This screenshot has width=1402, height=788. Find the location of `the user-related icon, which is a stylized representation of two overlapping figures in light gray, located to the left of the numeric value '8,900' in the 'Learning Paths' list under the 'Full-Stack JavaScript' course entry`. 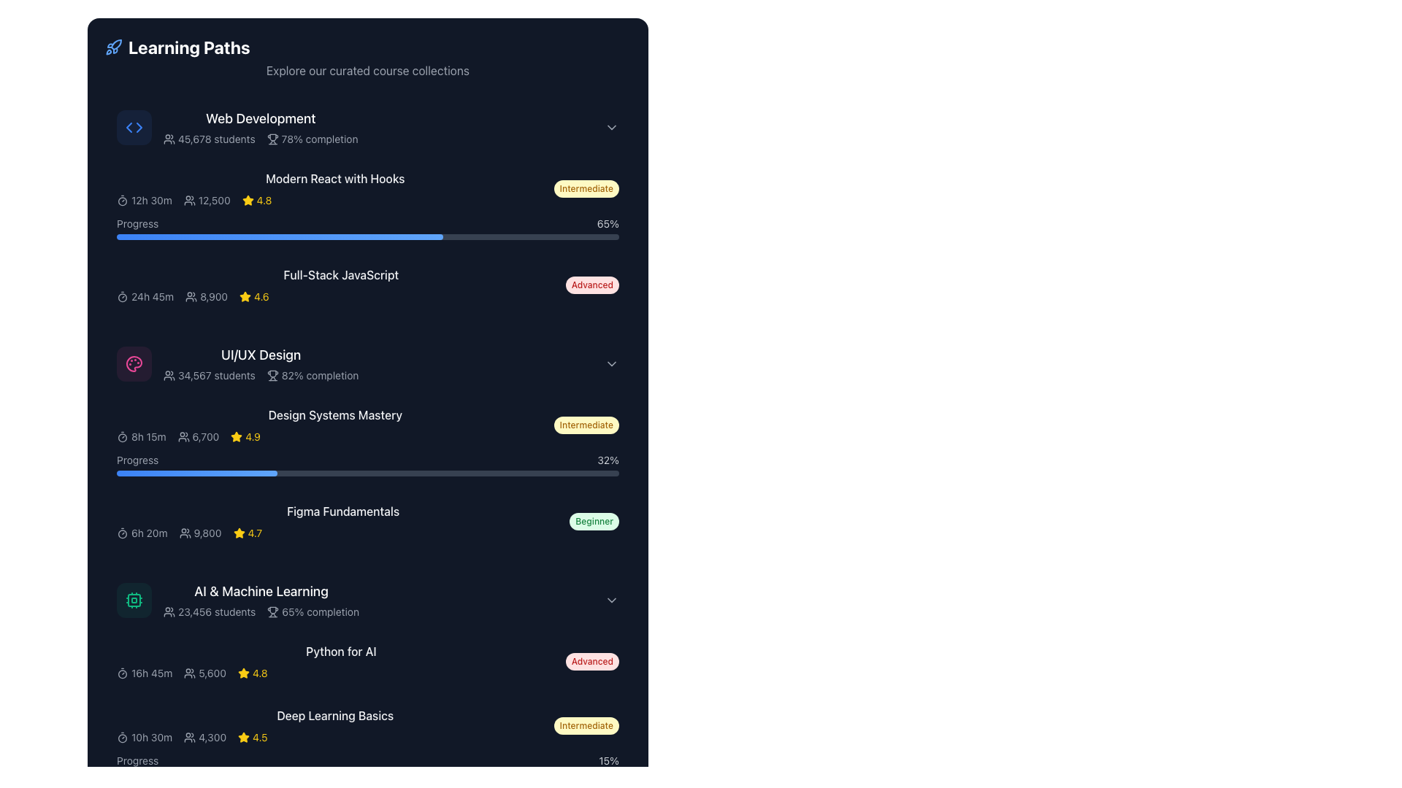

the user-related icon, which is a stylized representation of two overlapping figures in light gray, located to the left of the numeric value '8,900' in the 'Learning Paths' list under the 'Full-Stack JavaScript' course entry is located at coordinates (191, 296).